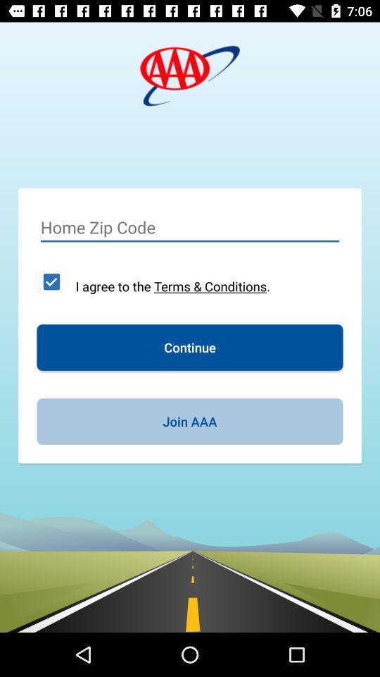 The image size is (380, 677). What do you see at coordinates (190, 421) in the screenshot?
I see `the join aaa icon` at bounding box center [190, 421].